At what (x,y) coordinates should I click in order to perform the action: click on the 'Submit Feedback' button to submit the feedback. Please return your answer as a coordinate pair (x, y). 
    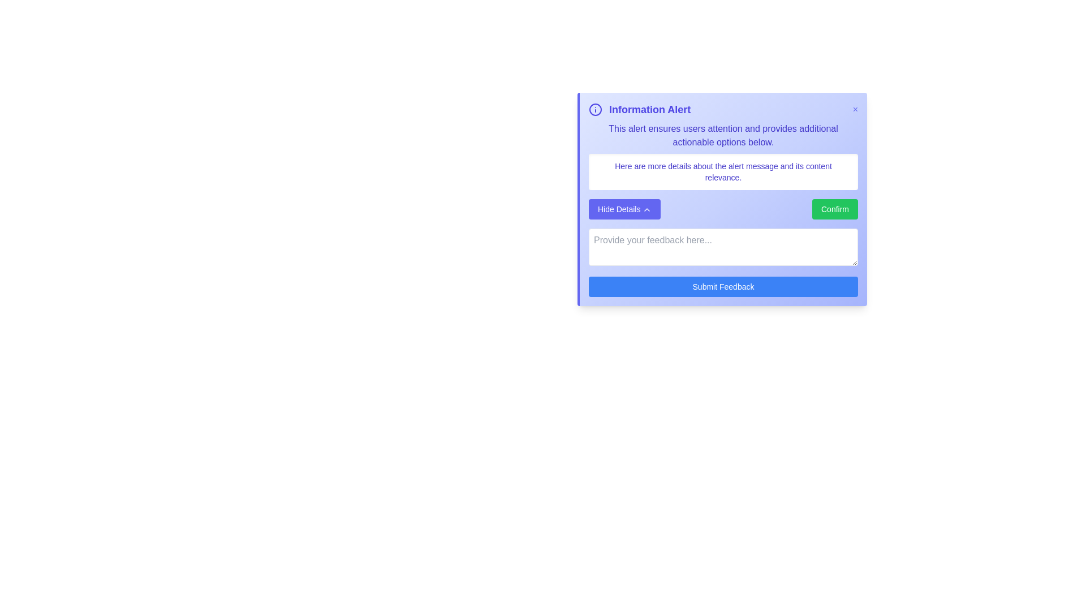
    Looking at the image, I should click on (722, 286).